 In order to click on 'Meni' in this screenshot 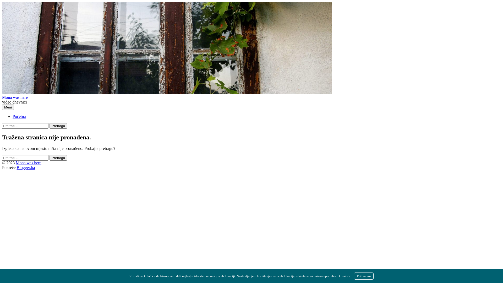, I will do `click(8, 107)`.